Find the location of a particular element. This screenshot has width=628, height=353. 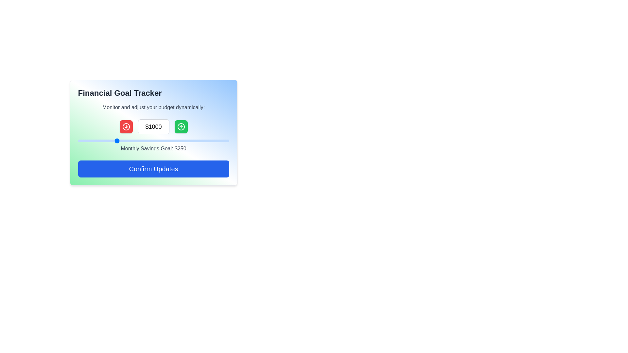

monetary value displayed in the Text label that follows 'Monthly Savings Goal:' located near the center horizontally in the lower region of the interface is located at coordinates (180, 148).